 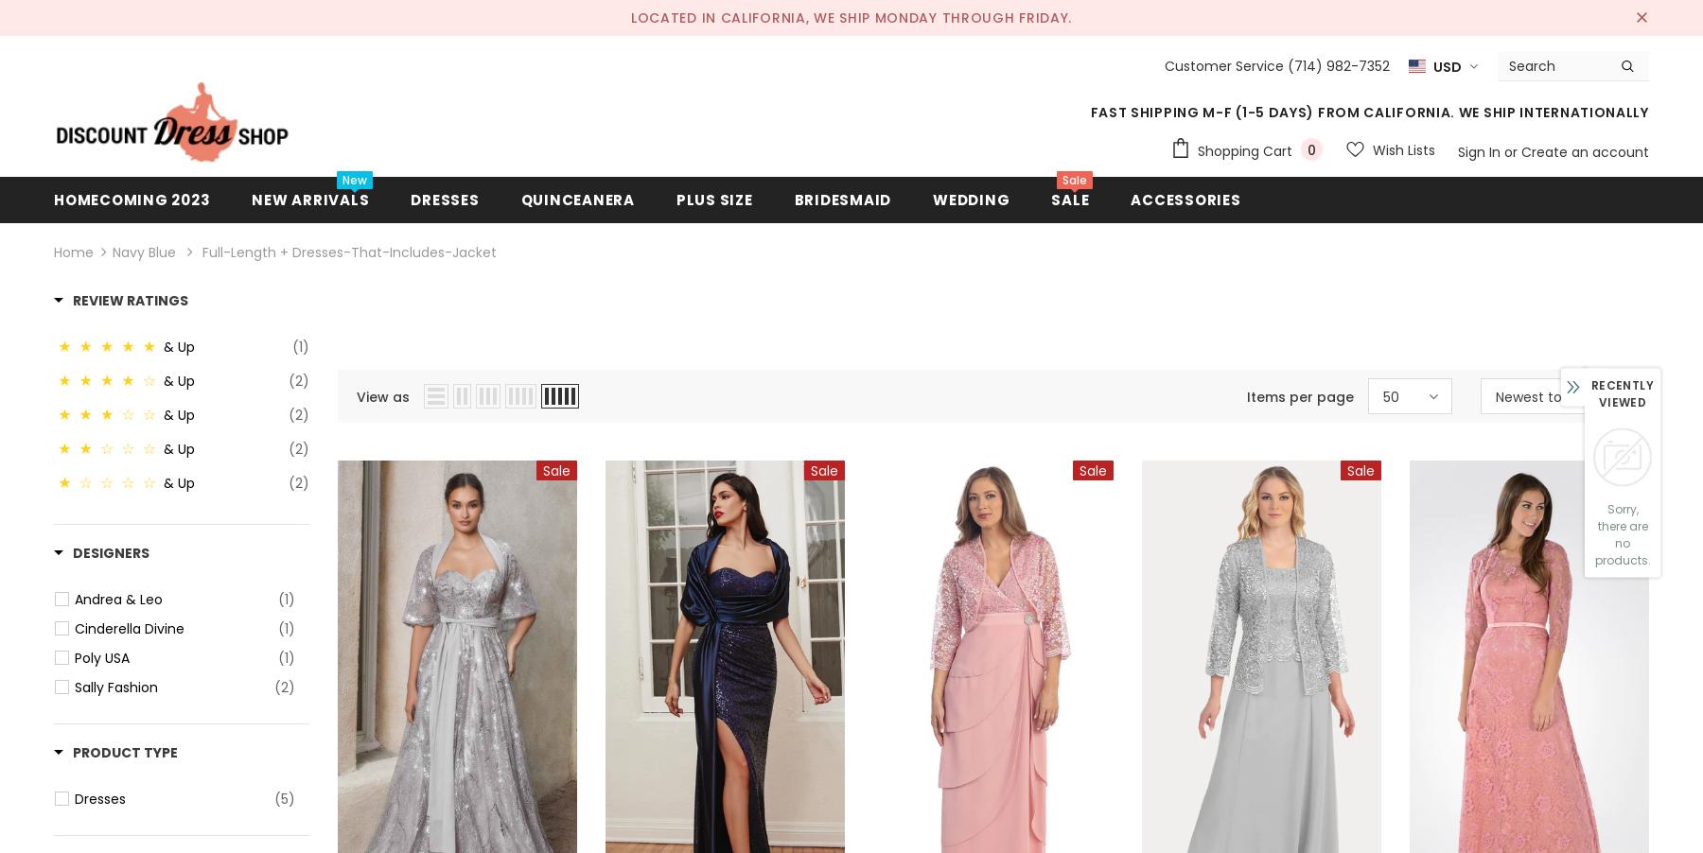 I want to click on '(5)', so click(x=272, y=798).